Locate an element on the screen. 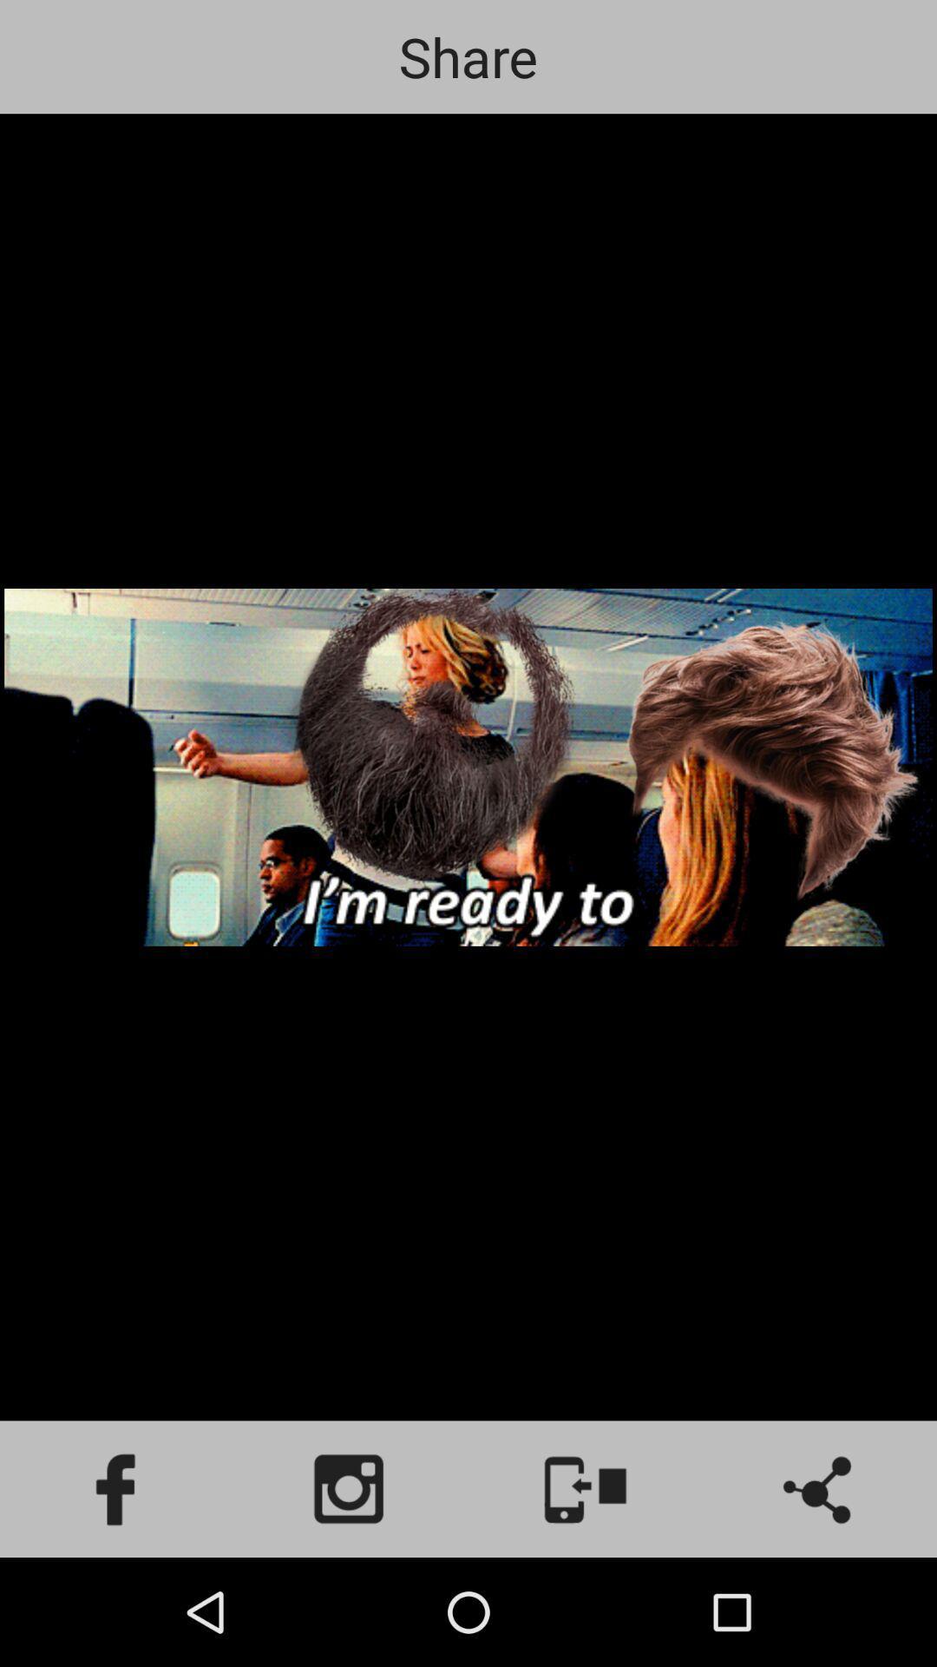  share to phone is located at coordinates (586, 1488).